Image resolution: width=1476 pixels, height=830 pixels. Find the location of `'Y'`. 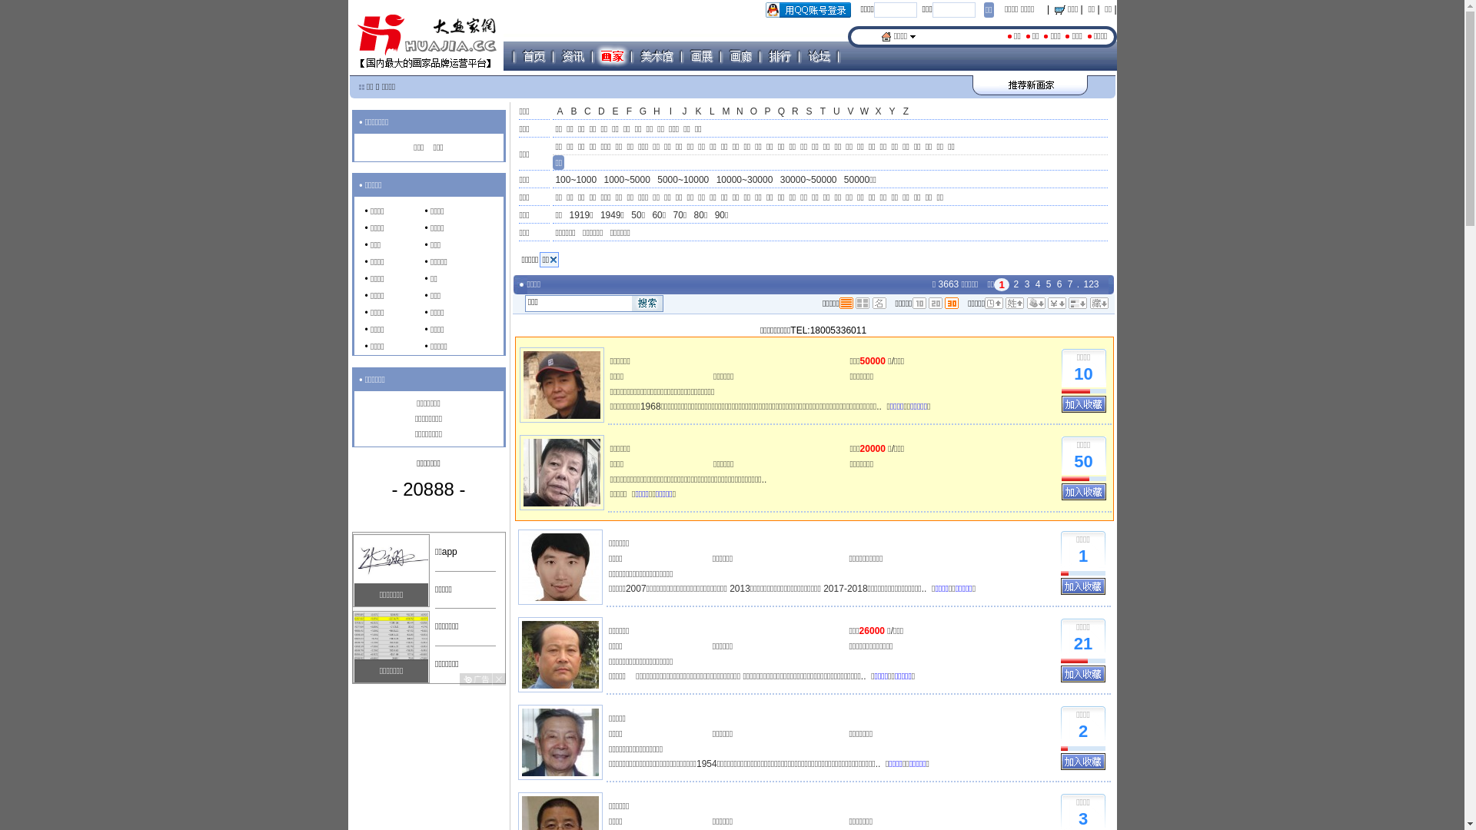

'Y' is located at coordinates (892, 111).